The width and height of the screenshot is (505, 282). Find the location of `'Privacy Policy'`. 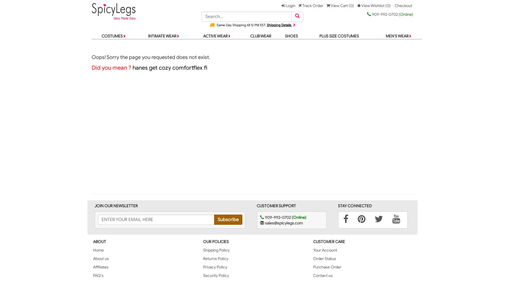

'Privacy Policy' is located at coordinates (203, 266).